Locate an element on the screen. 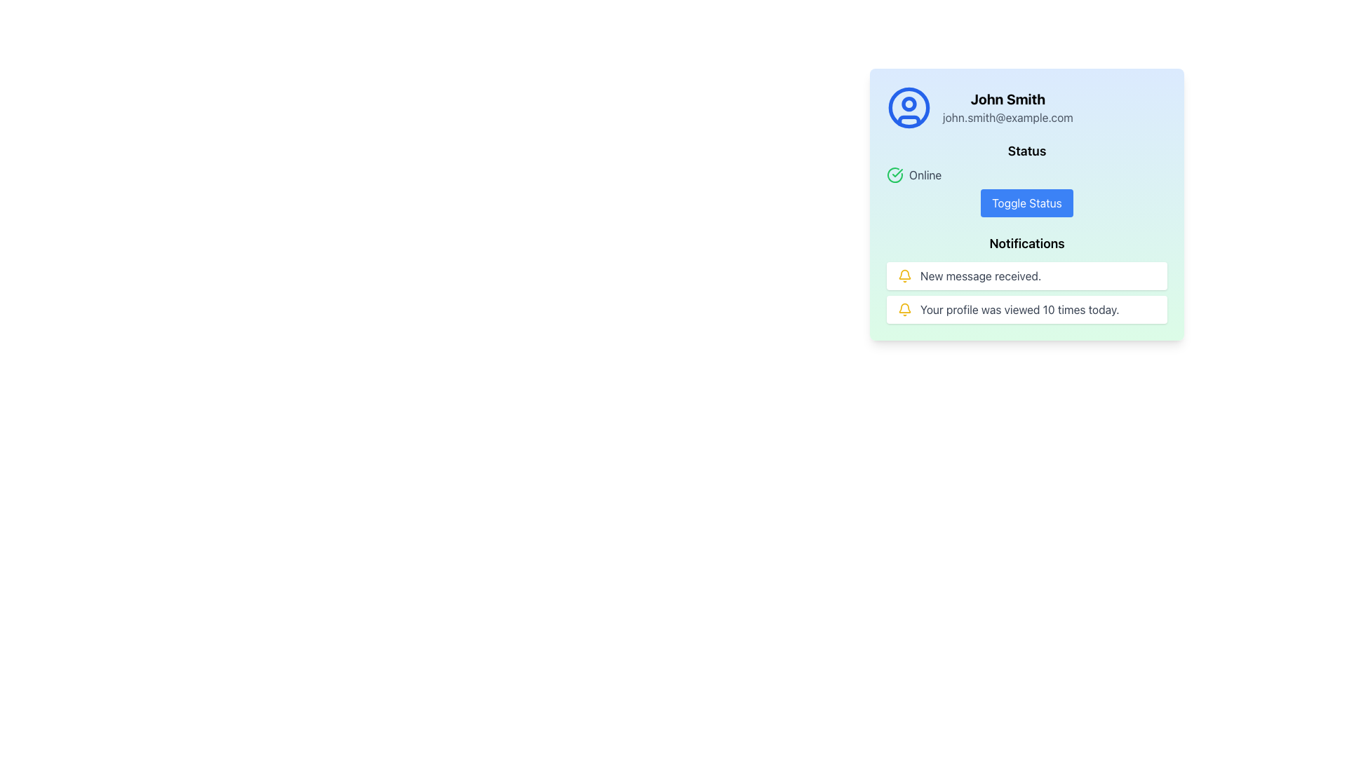 The image size is (1347, 757). the 'Status' text label, which is a bold black font displayed at the top center of the user detail card is located at coordinates (1027, 151).